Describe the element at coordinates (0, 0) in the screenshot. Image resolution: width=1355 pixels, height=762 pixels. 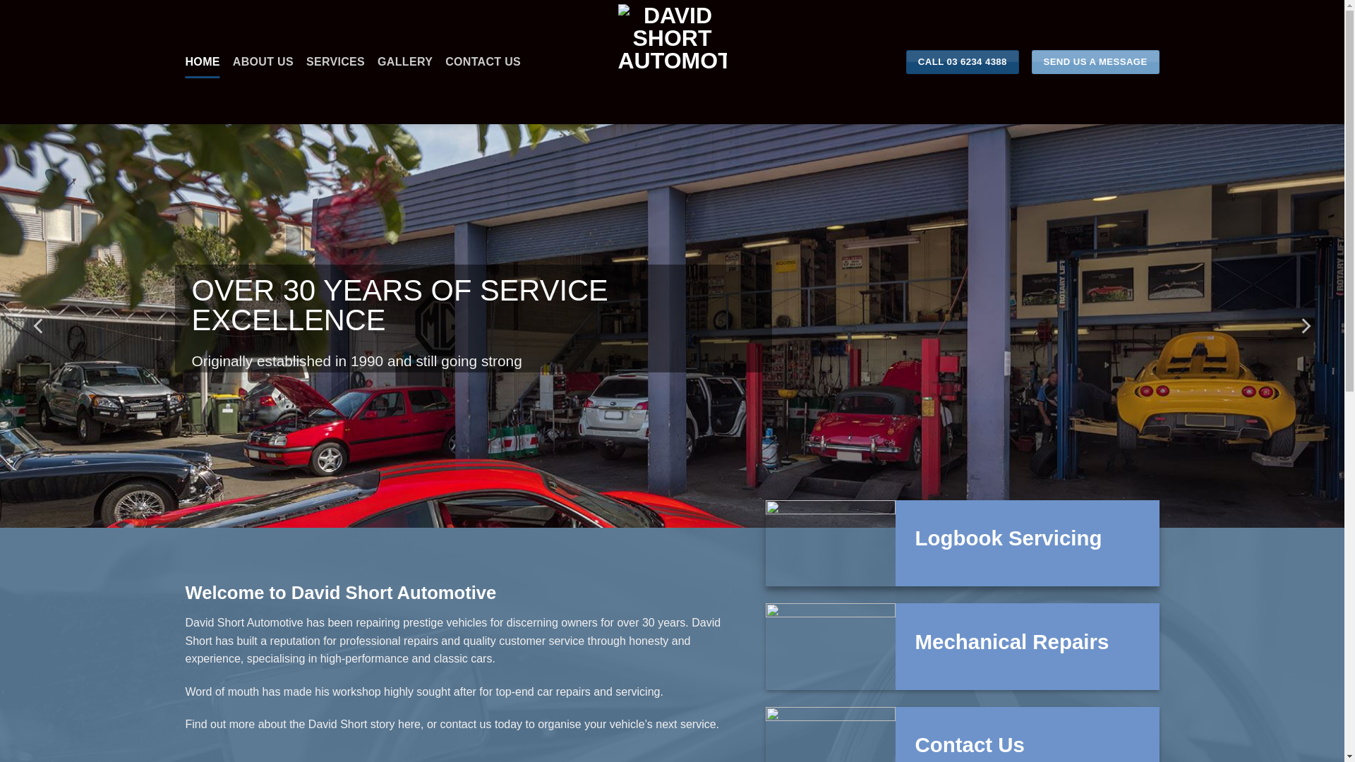
I see `'Skip to content'` at that location.